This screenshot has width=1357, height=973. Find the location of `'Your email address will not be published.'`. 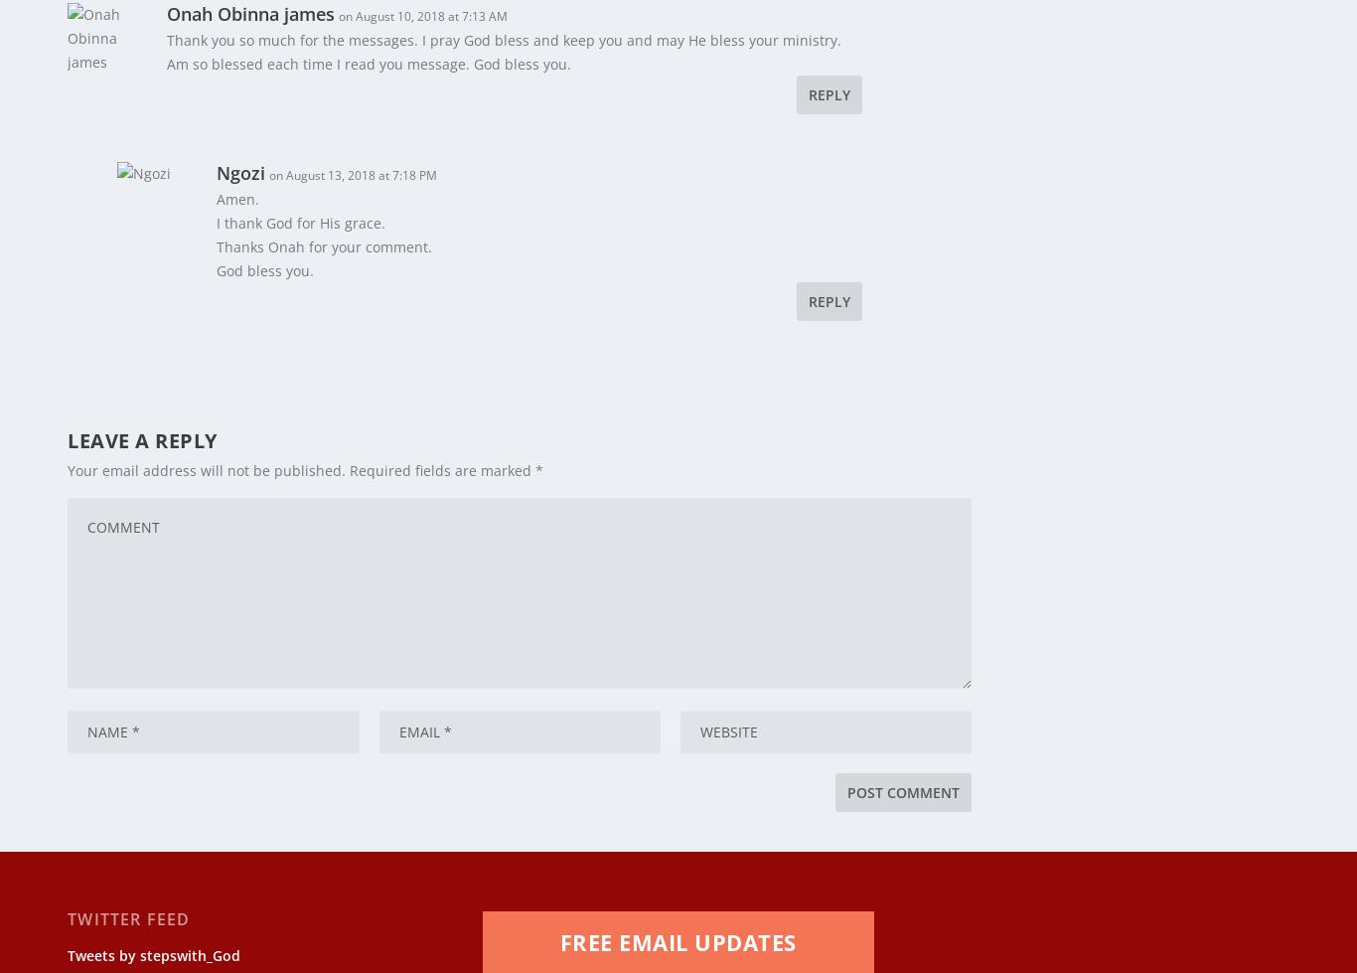

'Your email address will not be published.' is located at coordinates (206, 457).